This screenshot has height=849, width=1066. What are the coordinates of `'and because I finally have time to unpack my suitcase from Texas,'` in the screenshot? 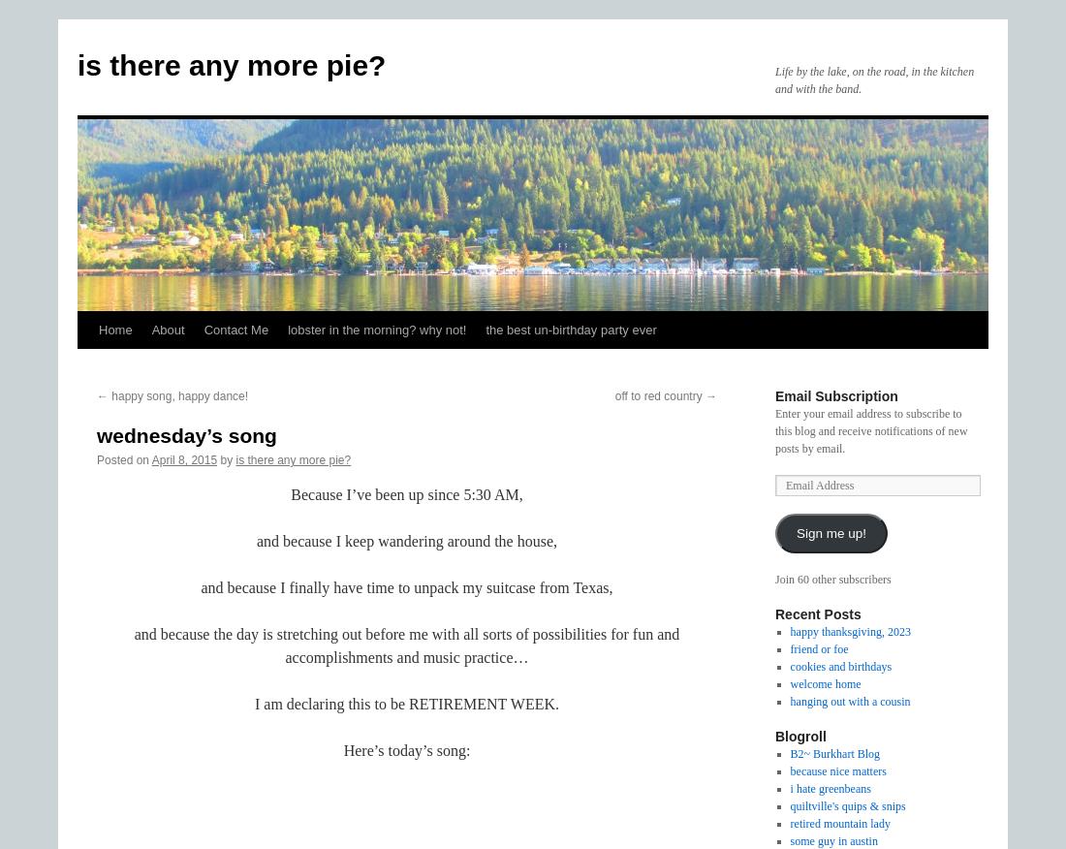 It's located at (405, 587).